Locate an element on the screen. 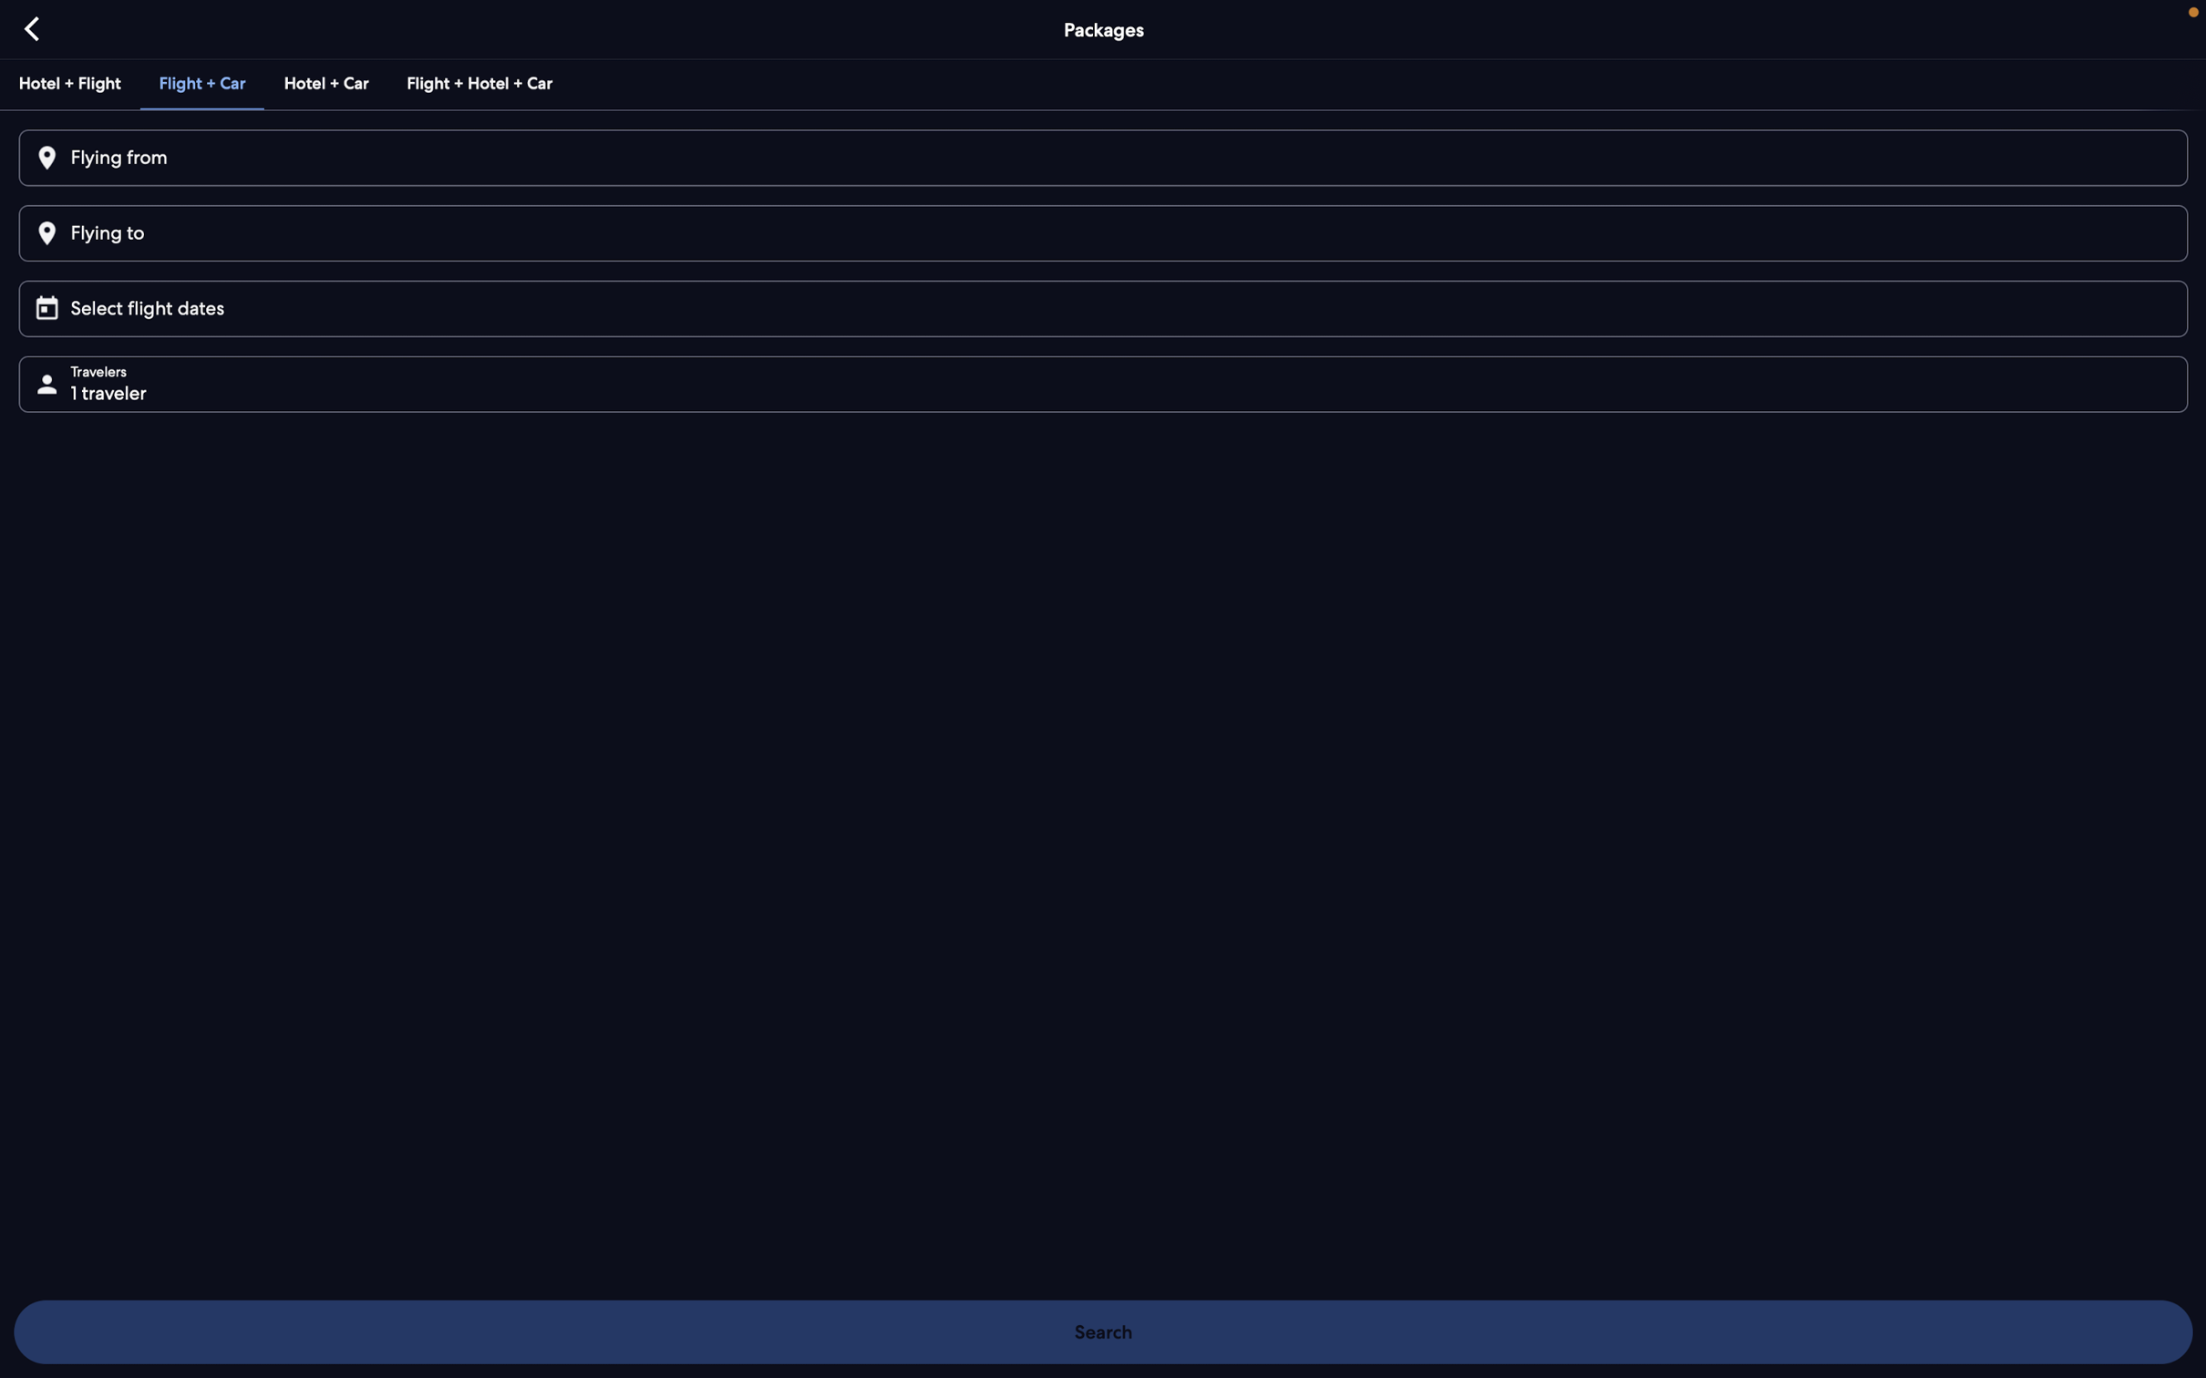  Increment the count of travellers by two is located at coordinates (1109, 382).